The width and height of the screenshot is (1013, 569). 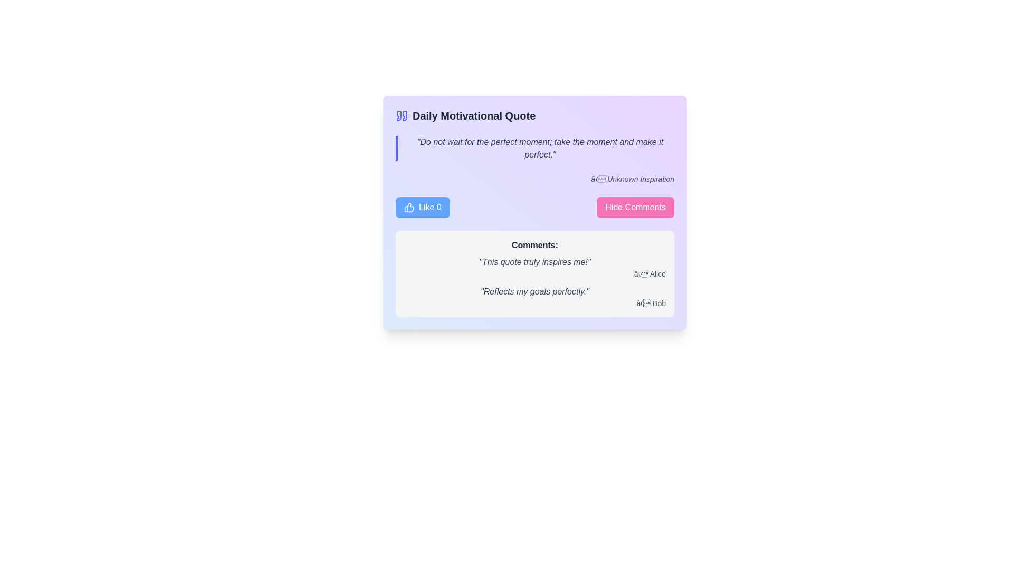 What do you see at coordinates (408, 207) in the screenshot?
I see `the 'like' icon located in the upper-left corner of the card layout, just below the motivational quote section` at bounding box center [408, 207].